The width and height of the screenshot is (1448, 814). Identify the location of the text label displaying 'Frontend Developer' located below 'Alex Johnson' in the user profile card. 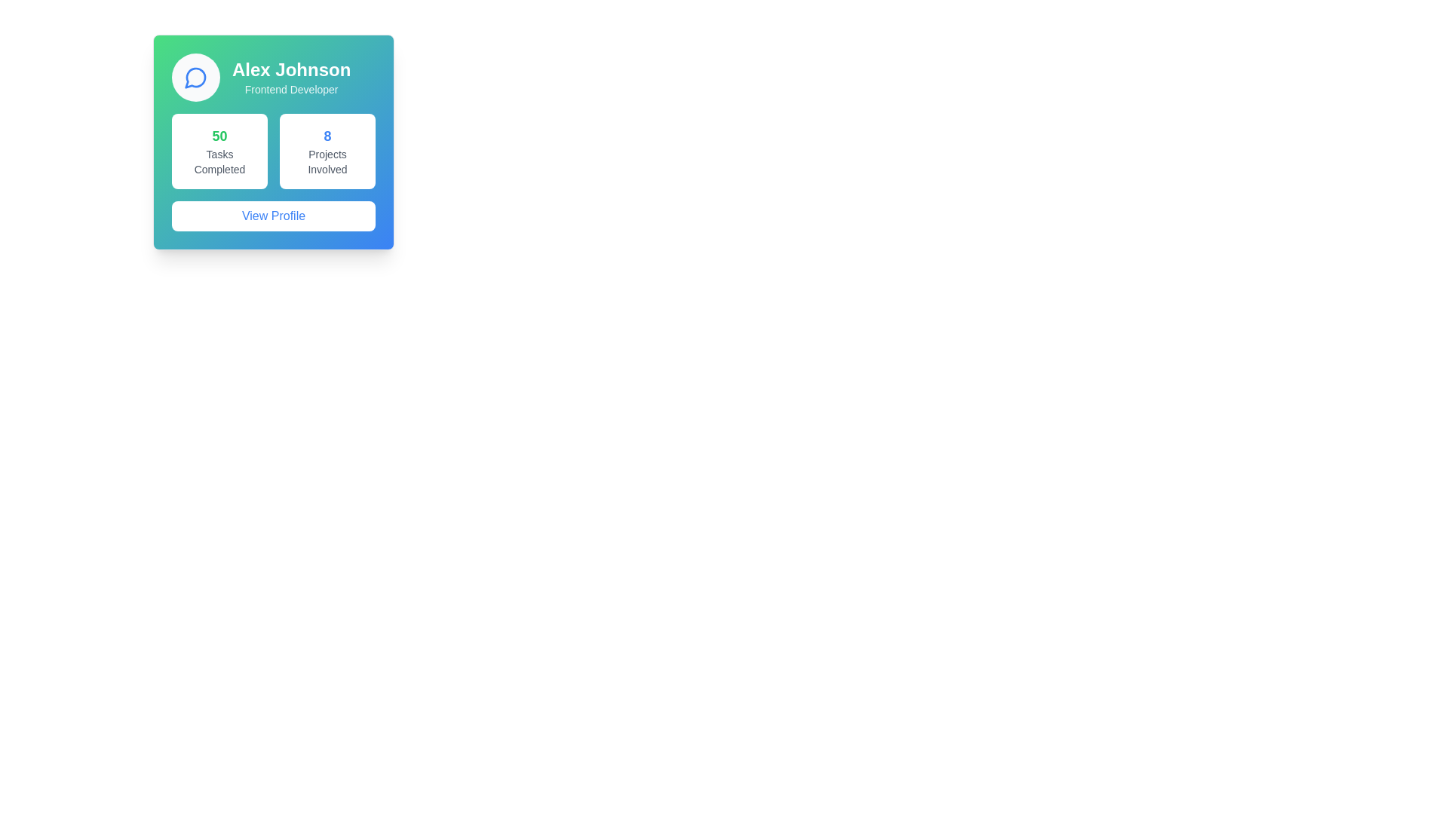
(291, 90).